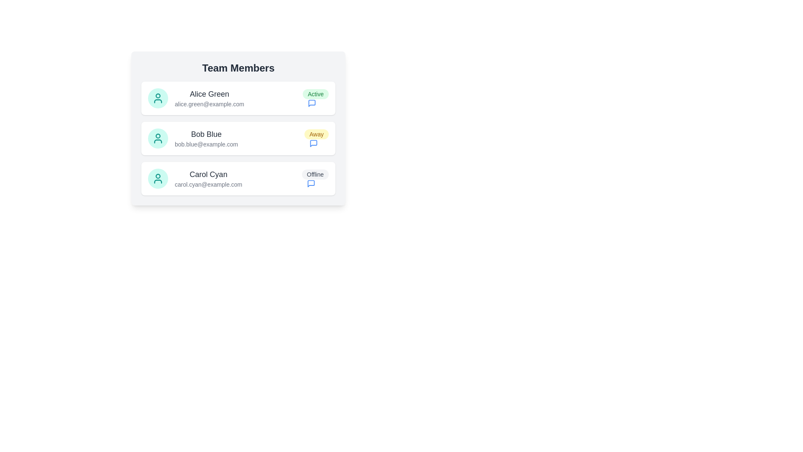 This screenshot has width=803, height=452. I want to click on the status indicator element displaying 'Offline' with a message bubble icon, so click(315, 178).